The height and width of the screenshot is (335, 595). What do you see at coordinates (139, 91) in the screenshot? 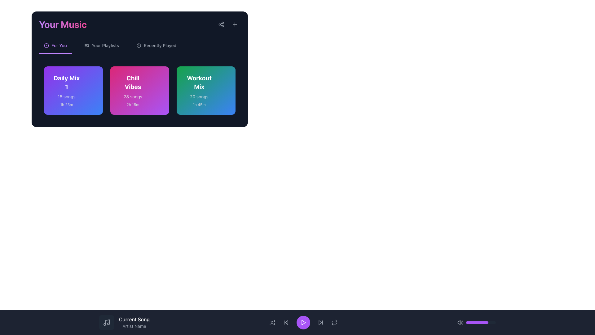
I see `the 'Chill Vibes' interactive card, which features a gradient background from pink to purple and contains the title in bold white text` at bounding box center [139, 91].